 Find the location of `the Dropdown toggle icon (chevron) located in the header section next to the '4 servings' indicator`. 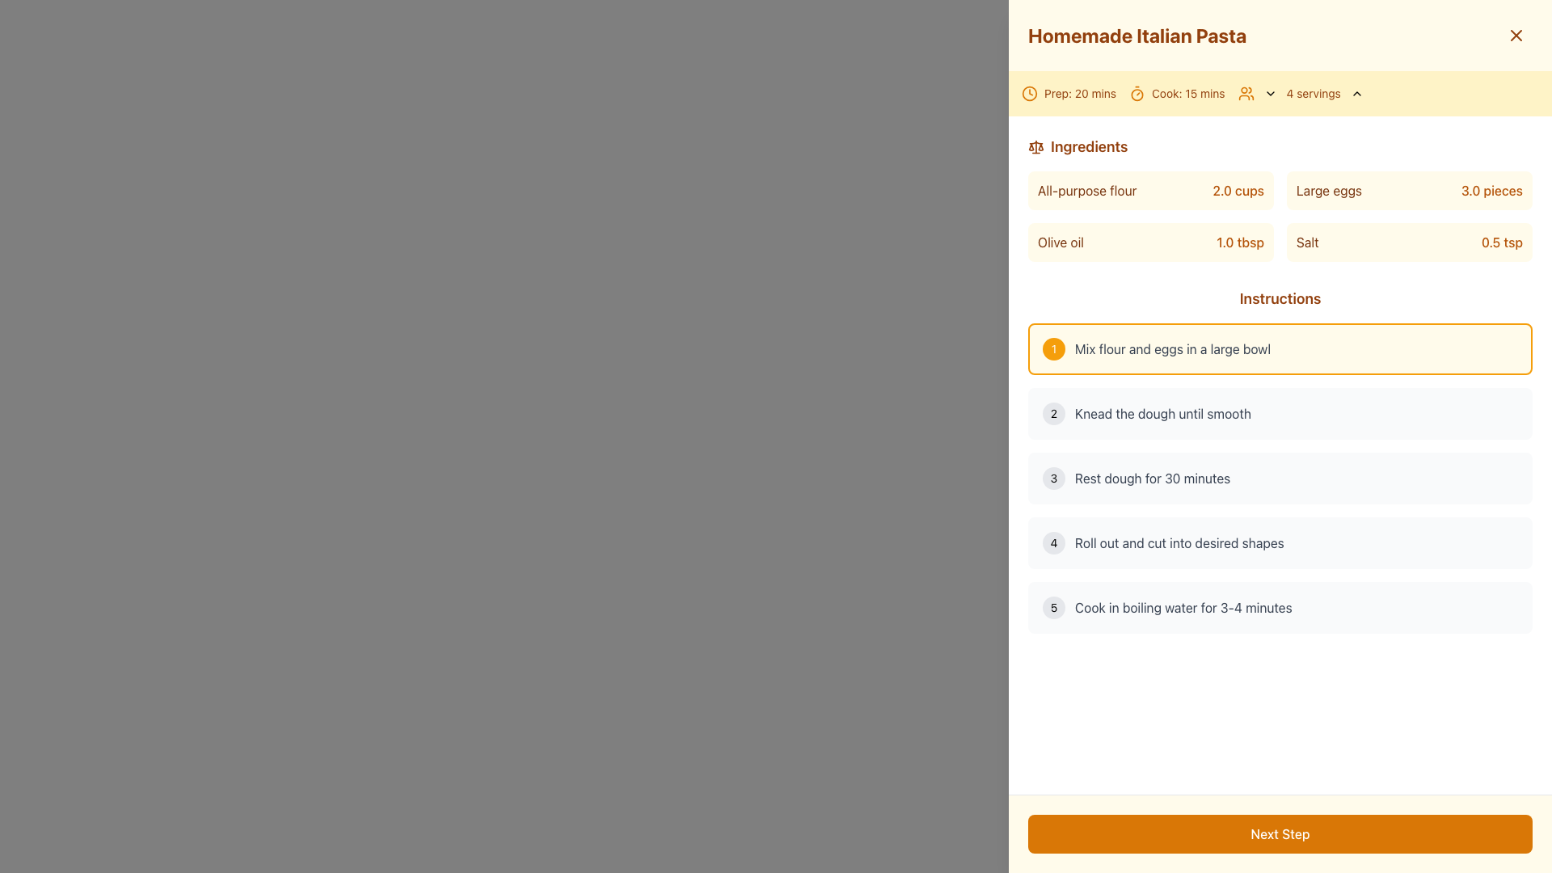

the Dropdown toggle icon (chevron) located in the header section next to the '4 servings' indicator is located at coordinates (1269, 93).